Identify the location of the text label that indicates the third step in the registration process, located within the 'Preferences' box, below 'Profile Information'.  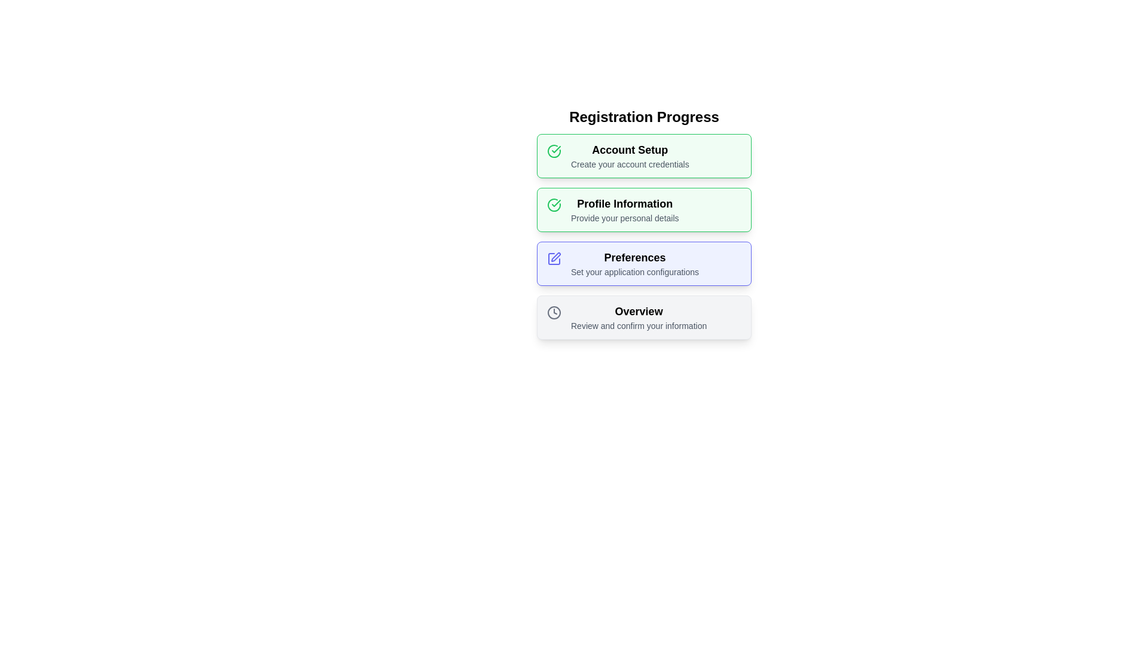
(634, 257).